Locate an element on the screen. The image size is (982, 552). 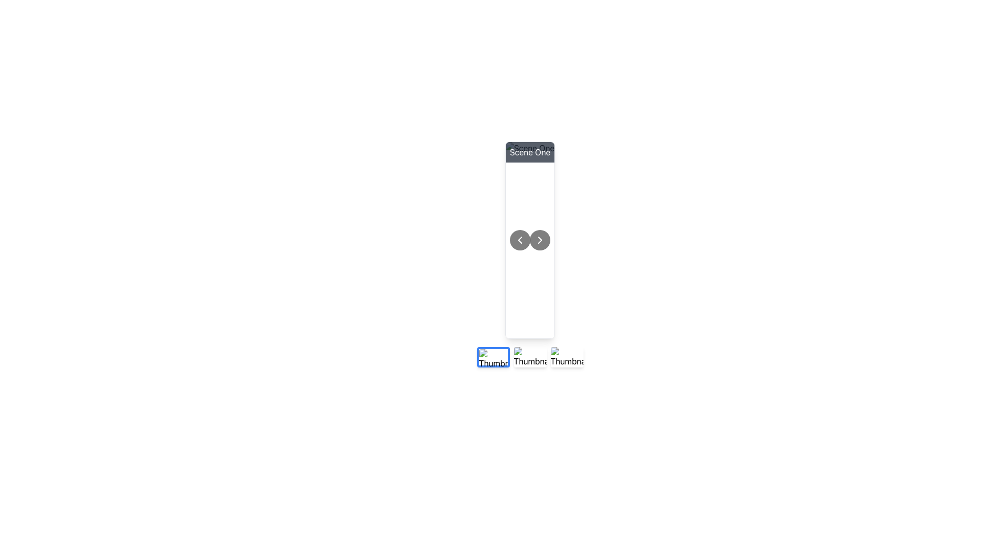
the fourth thumbnail image element in the horizontal list is located at coordinates (566, 356).